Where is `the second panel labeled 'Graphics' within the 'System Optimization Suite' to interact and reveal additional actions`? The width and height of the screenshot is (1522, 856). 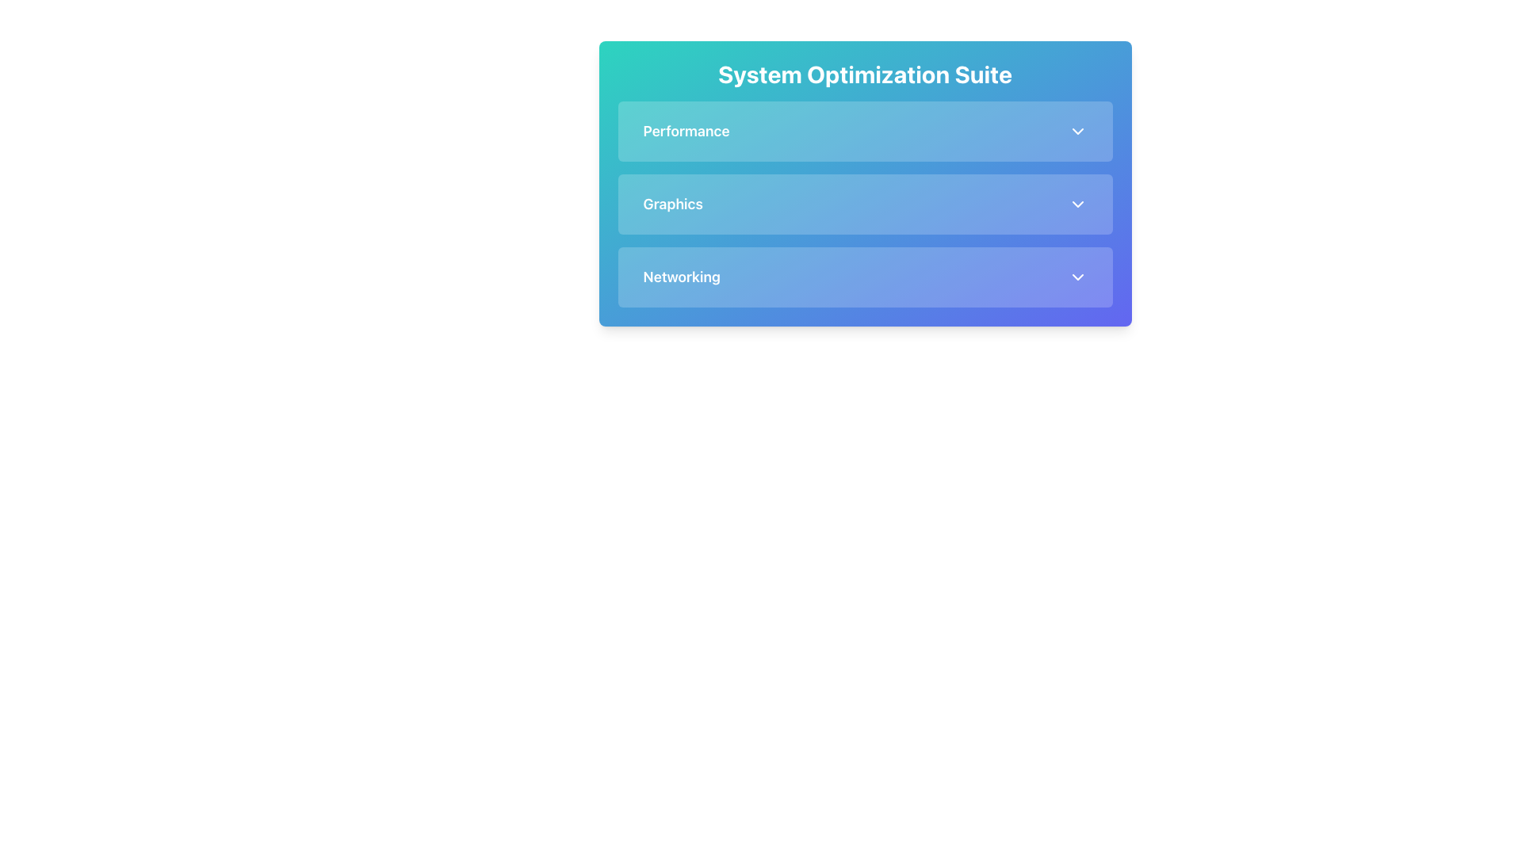
the second panel labeled 'Graphics' within the 'System Optimization Suite' to interact and reveal additional actions is located at coordinates (864, 204).